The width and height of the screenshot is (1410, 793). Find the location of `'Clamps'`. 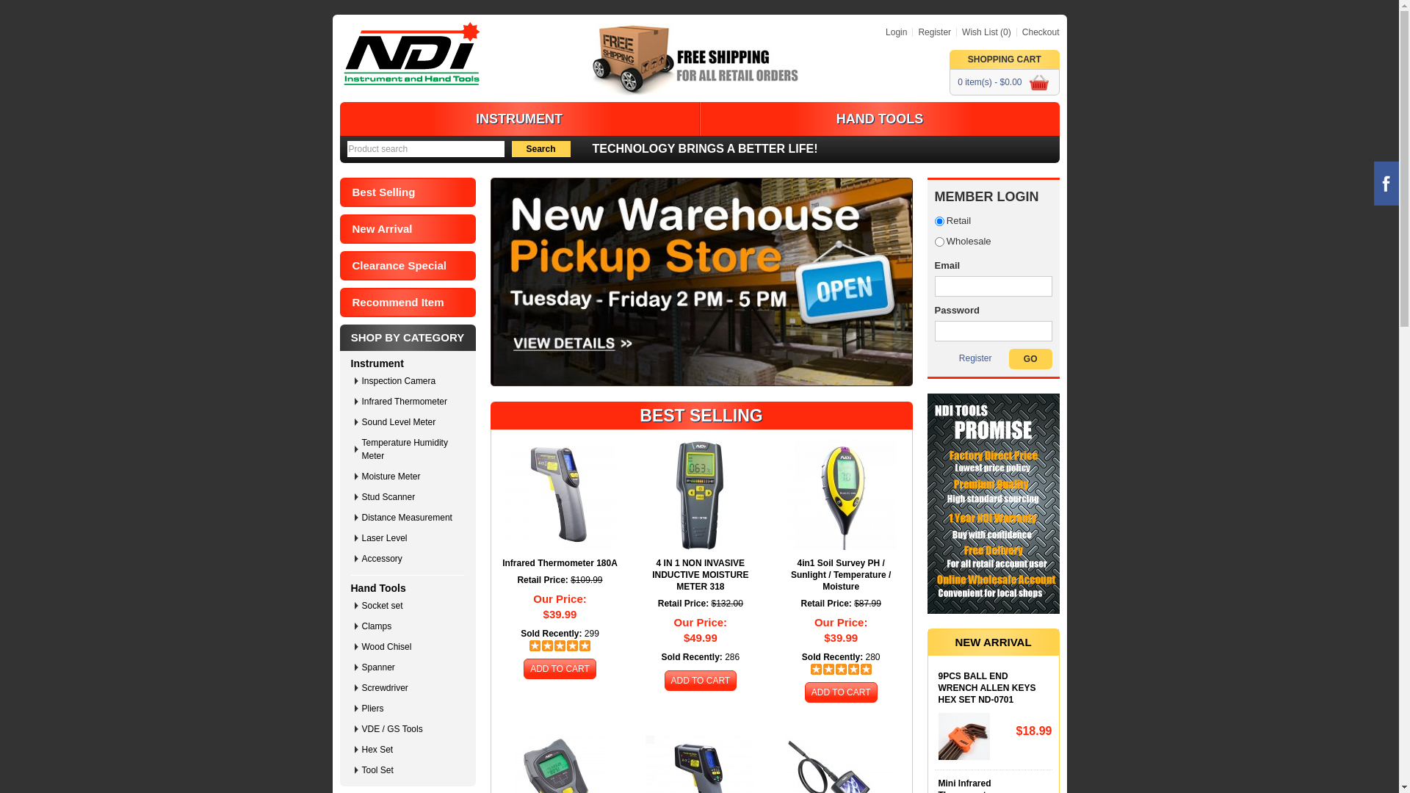

'Clamps' is located at coordinates (411, 626).